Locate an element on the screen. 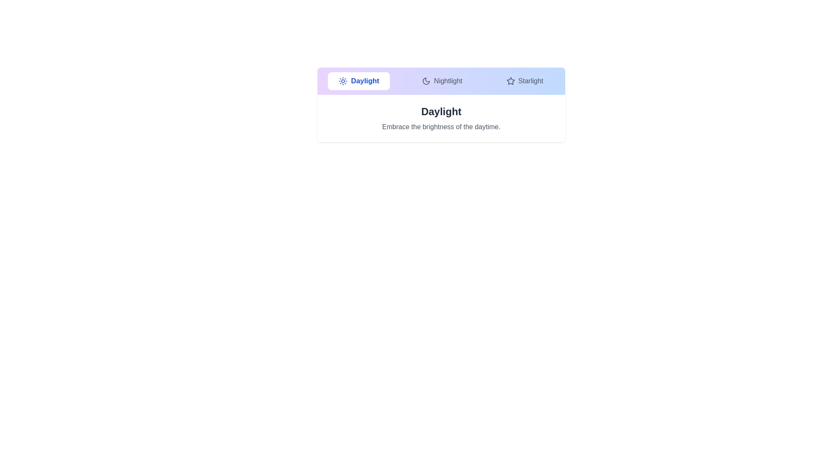 The image size is (816, 459). the tab labeled Starlight is located at coordinates (524, 81).